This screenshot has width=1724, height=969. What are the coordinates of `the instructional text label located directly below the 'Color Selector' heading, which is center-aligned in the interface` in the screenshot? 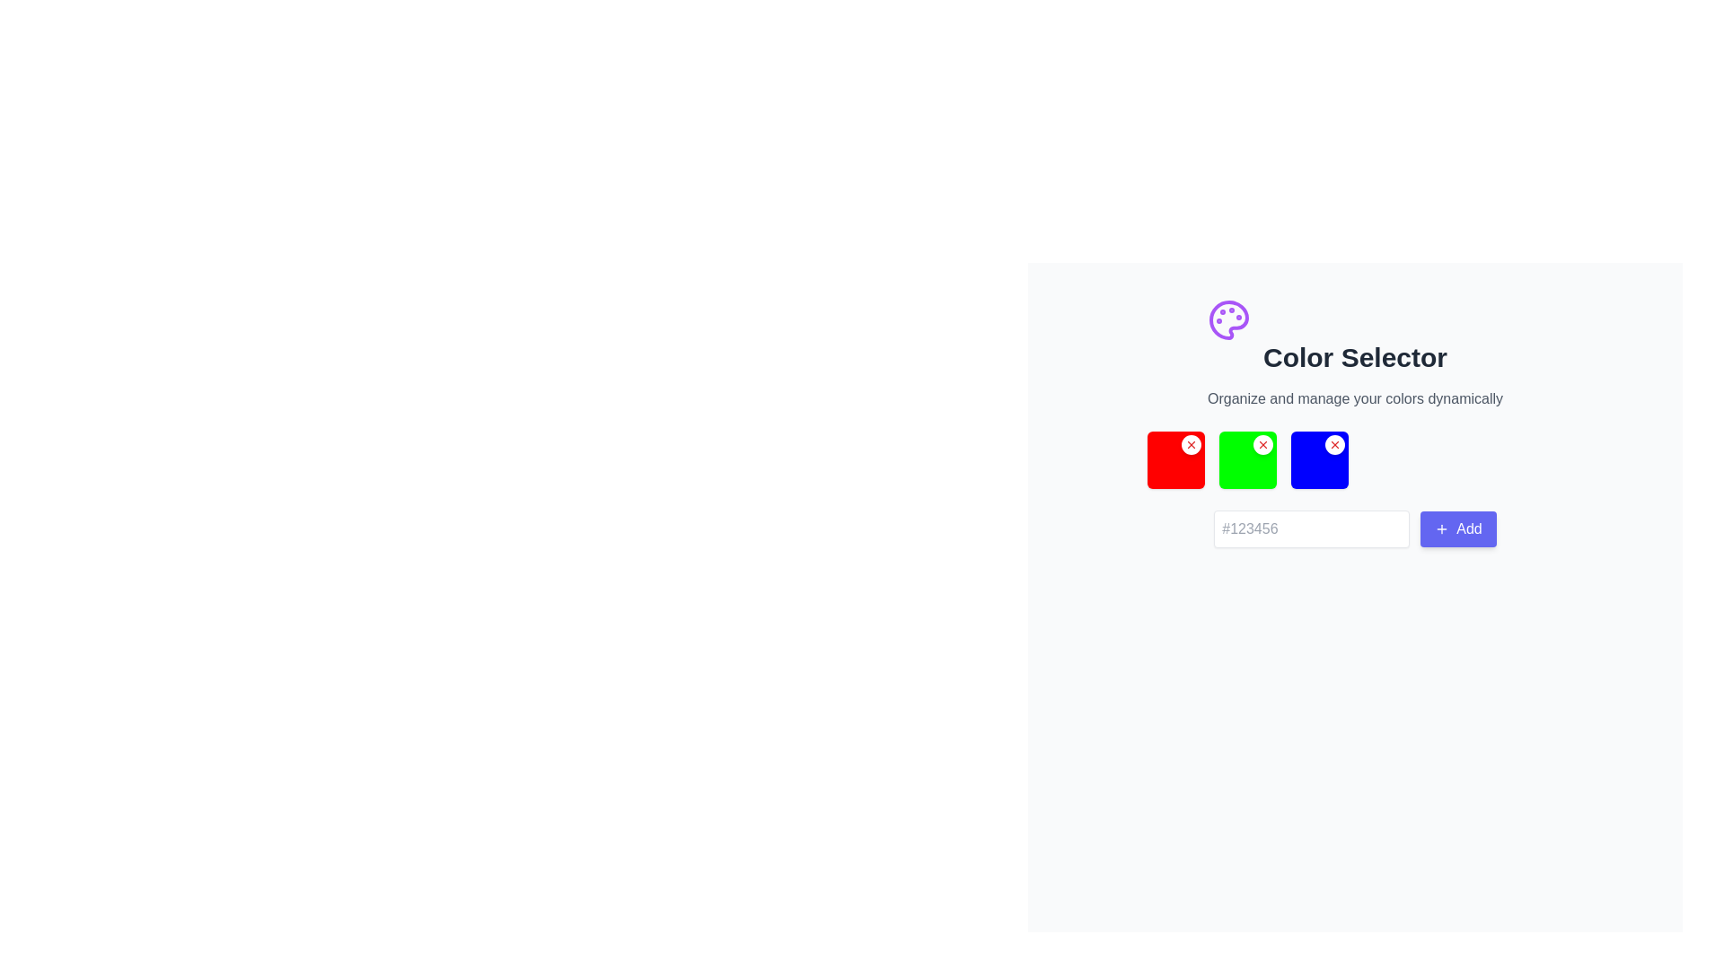 It's located at (1355, 397).